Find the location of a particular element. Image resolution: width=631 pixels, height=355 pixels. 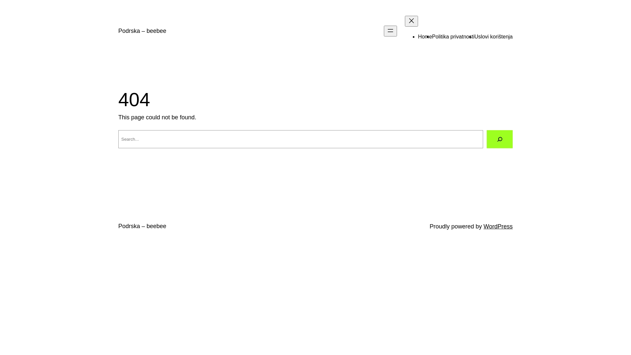

'WordPress' is located at coordinates (498, 226).